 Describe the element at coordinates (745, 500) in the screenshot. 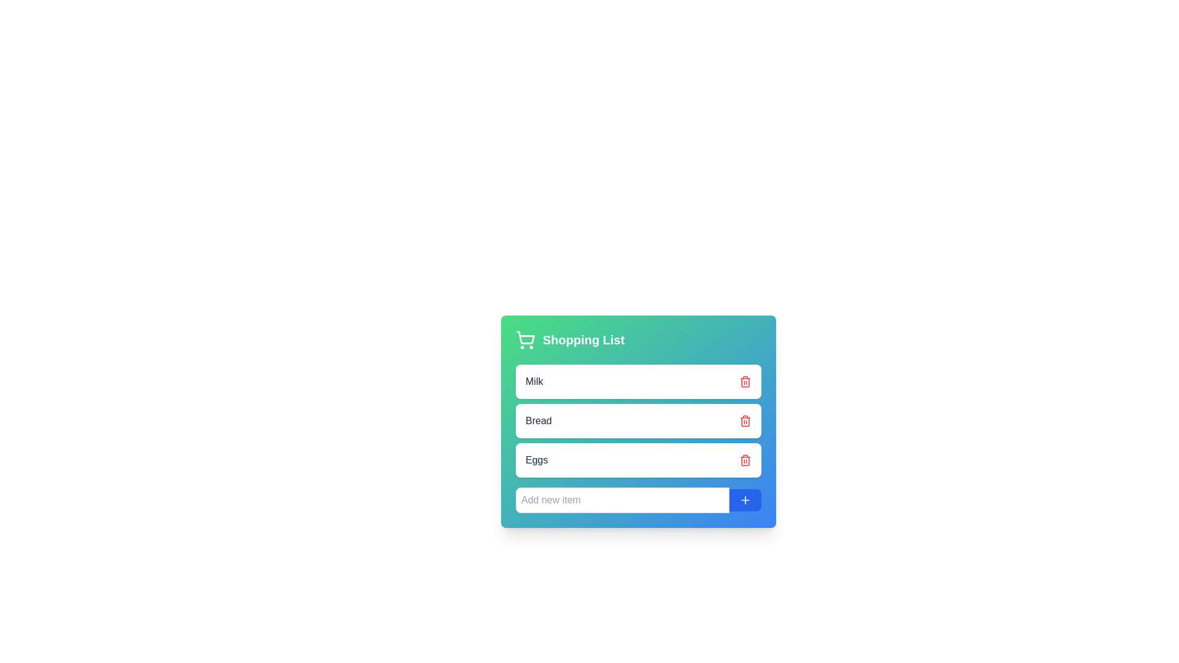

I see `the blue button with a white plus sign, located adjacent to the 'Add new item' input field` at that location.